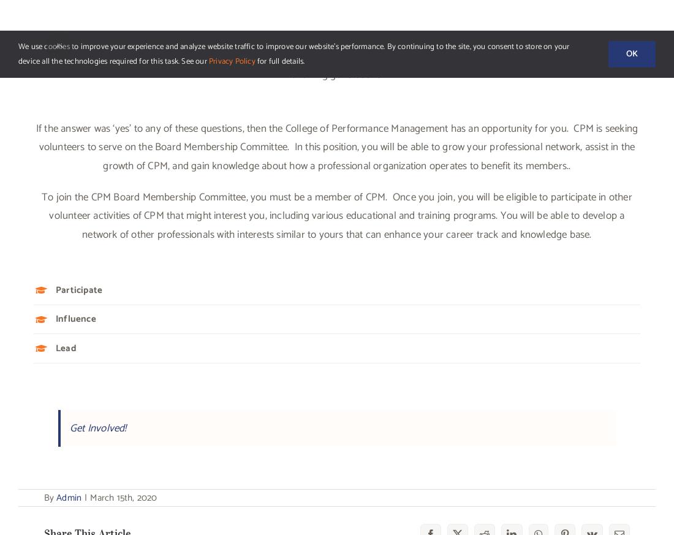  I want to click on 'If the answer was ‘yes’ to any of these questions, then the College of Performance Management has an opportunity for you.  CPM is seeking volunteers to serve on the Board Membership Committee.  In this position, you will be able to grow your professional network, assist in the growth of CPM, and gain knowledge about how a professional organization operates to benefit its members..', so click(336, 146).